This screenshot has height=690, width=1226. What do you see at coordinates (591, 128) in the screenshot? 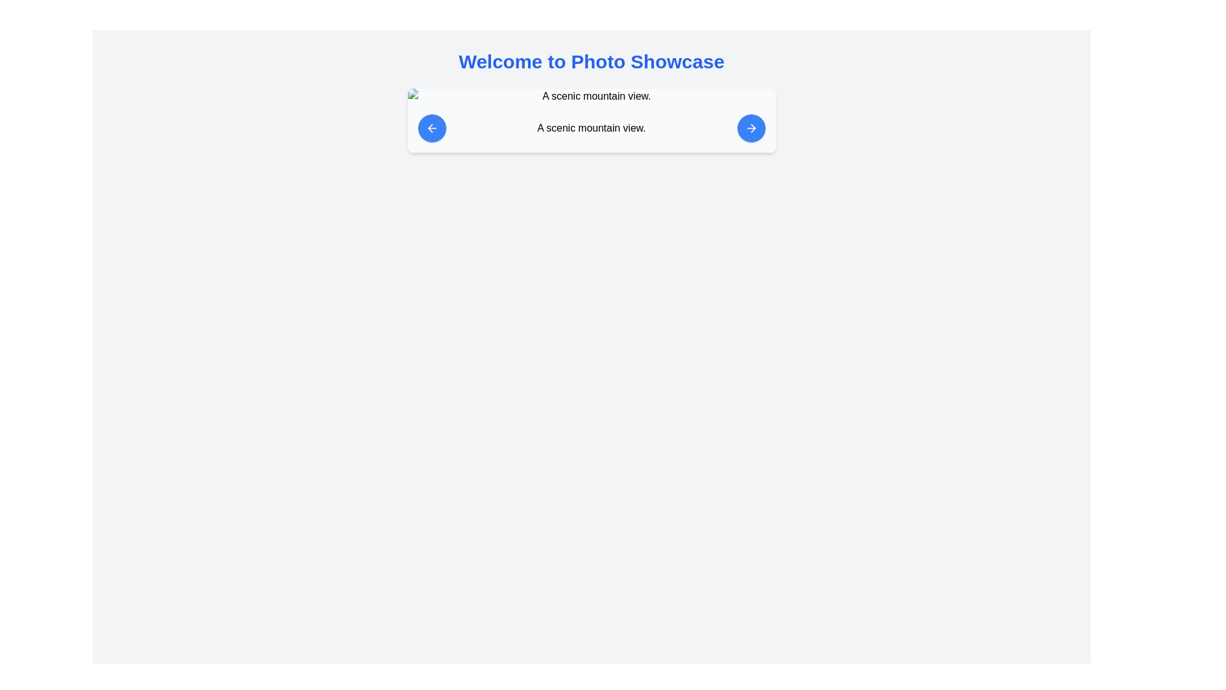
I see `the static text label that provides information about the adjacent image, centrally aligned between the left and right blue arrows` at bounding box center [591, 128].